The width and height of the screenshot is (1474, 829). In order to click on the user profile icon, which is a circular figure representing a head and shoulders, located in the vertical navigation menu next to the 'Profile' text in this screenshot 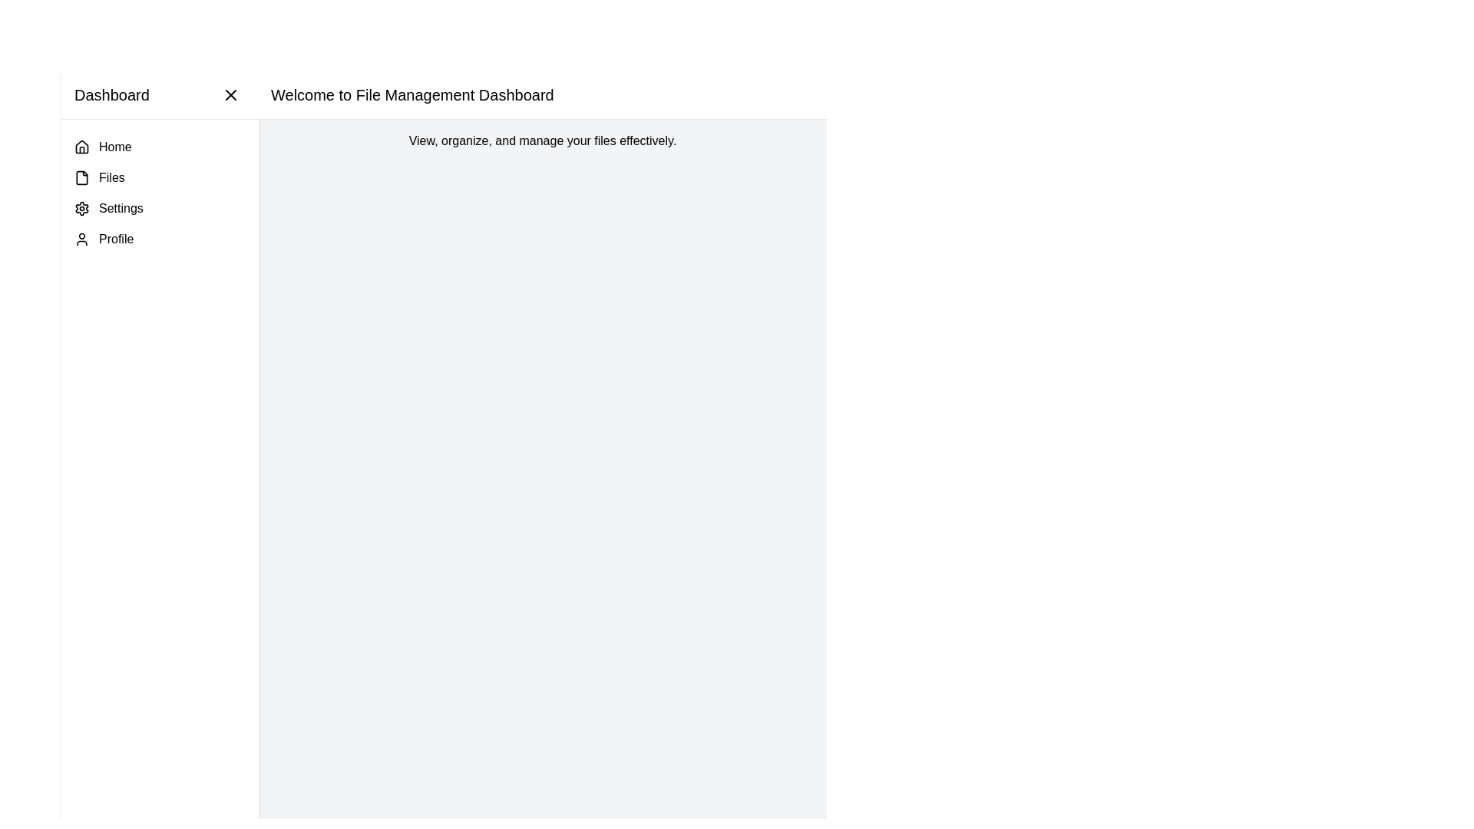, I will do `click(81, 239)`.